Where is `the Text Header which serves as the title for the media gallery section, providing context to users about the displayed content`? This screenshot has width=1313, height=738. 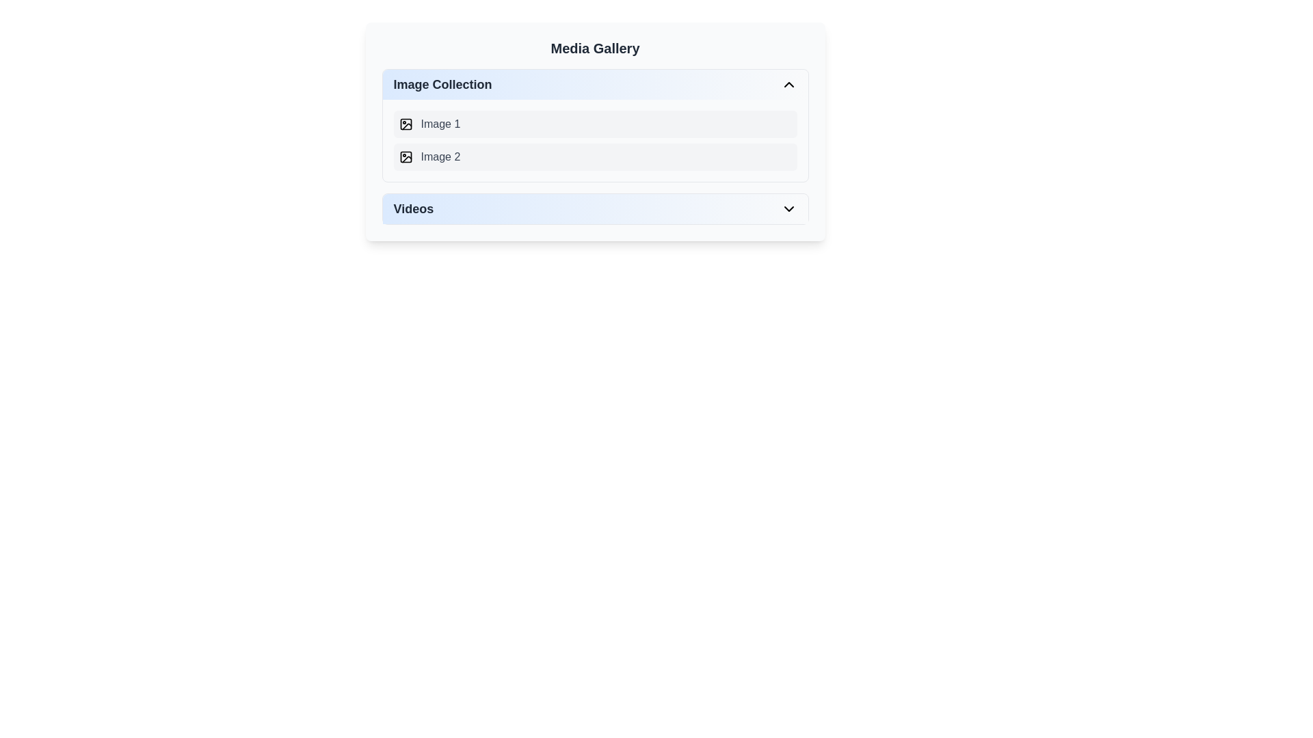 the Text Header which serves as the title for the media gallery section, providing context to users about the displayed content is located at coordinates (595, 47).